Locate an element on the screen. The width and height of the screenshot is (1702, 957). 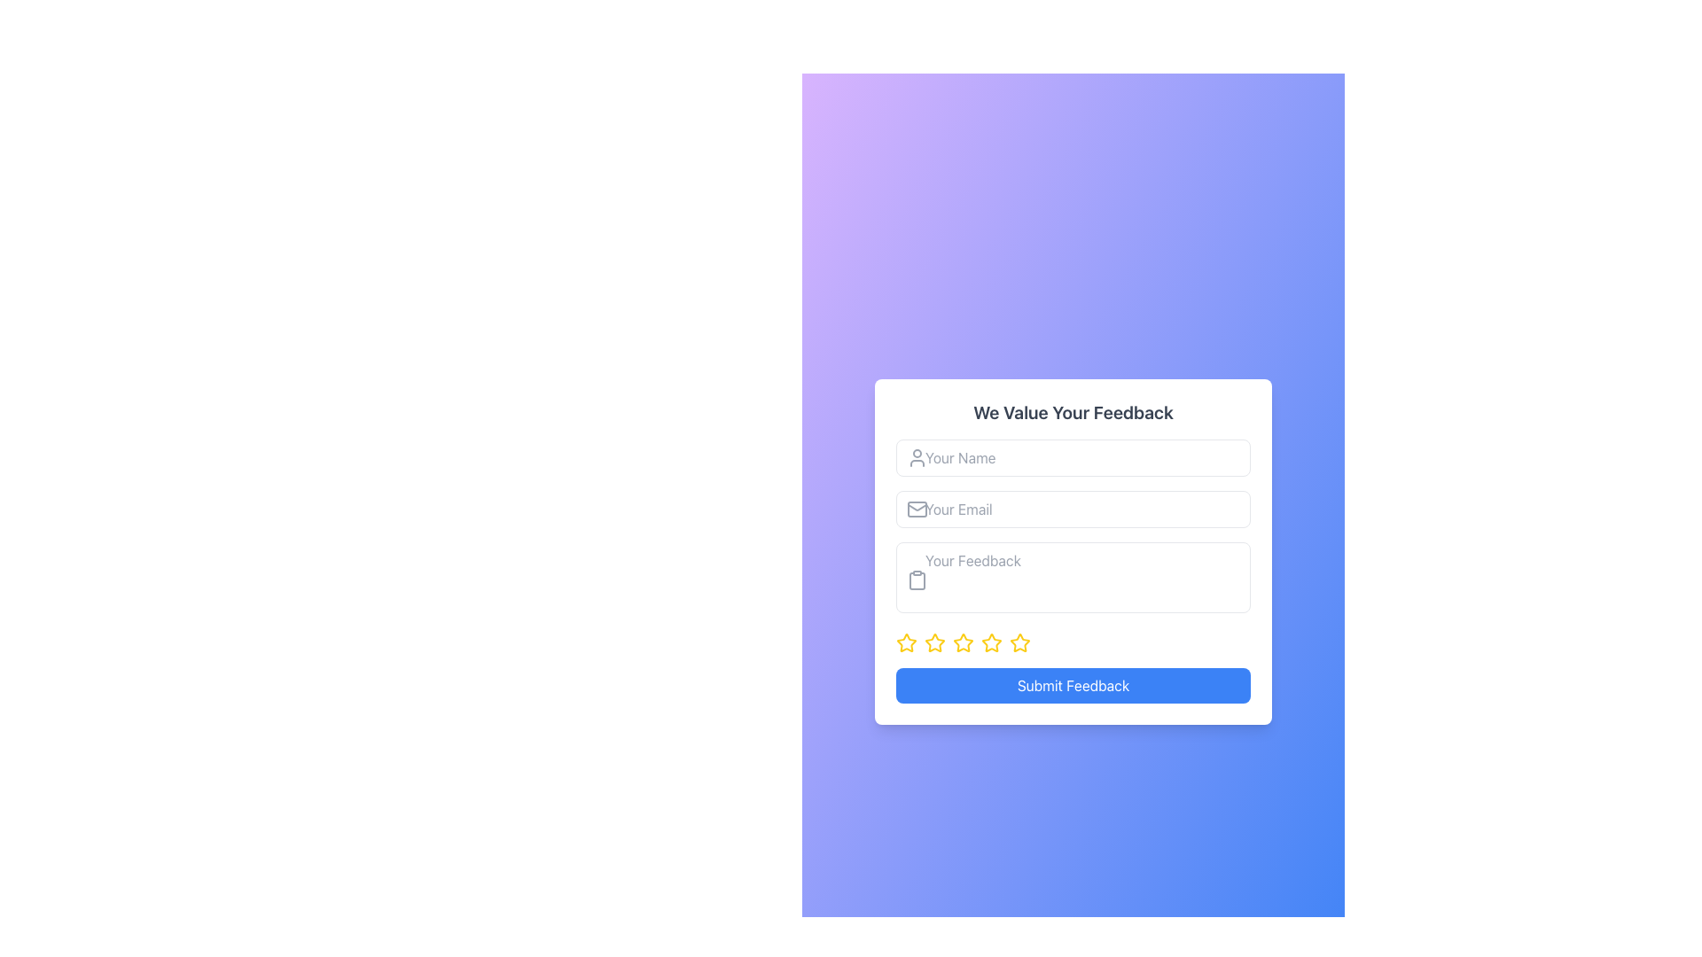
the sixth star icon with a yellow fill and clean stroke to set a rating in the feedback form card is located at coordinates (990, 642).